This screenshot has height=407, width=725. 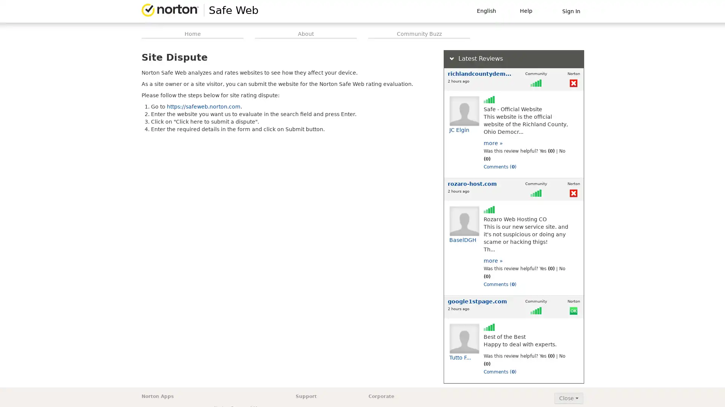 What do you see at coordinates (569, 398) in the screenshot?
I see `Close` at bounding box center [569, 398].